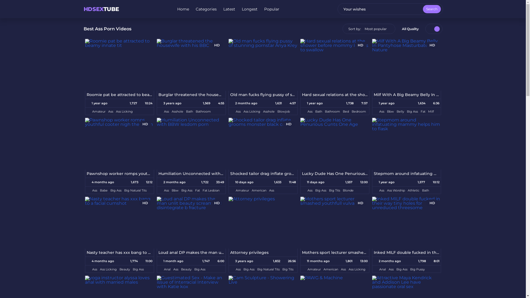  I want to click on 'Bedroom', so click(351, 111).